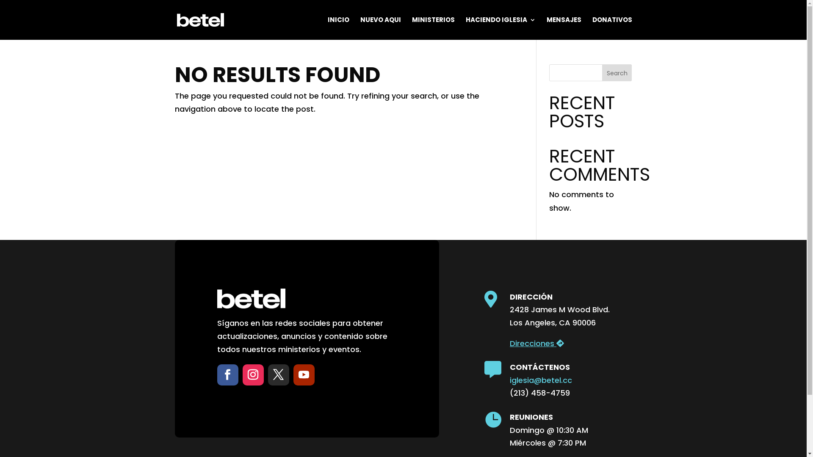  I want to click on 'INICIO', so click(327, 28).